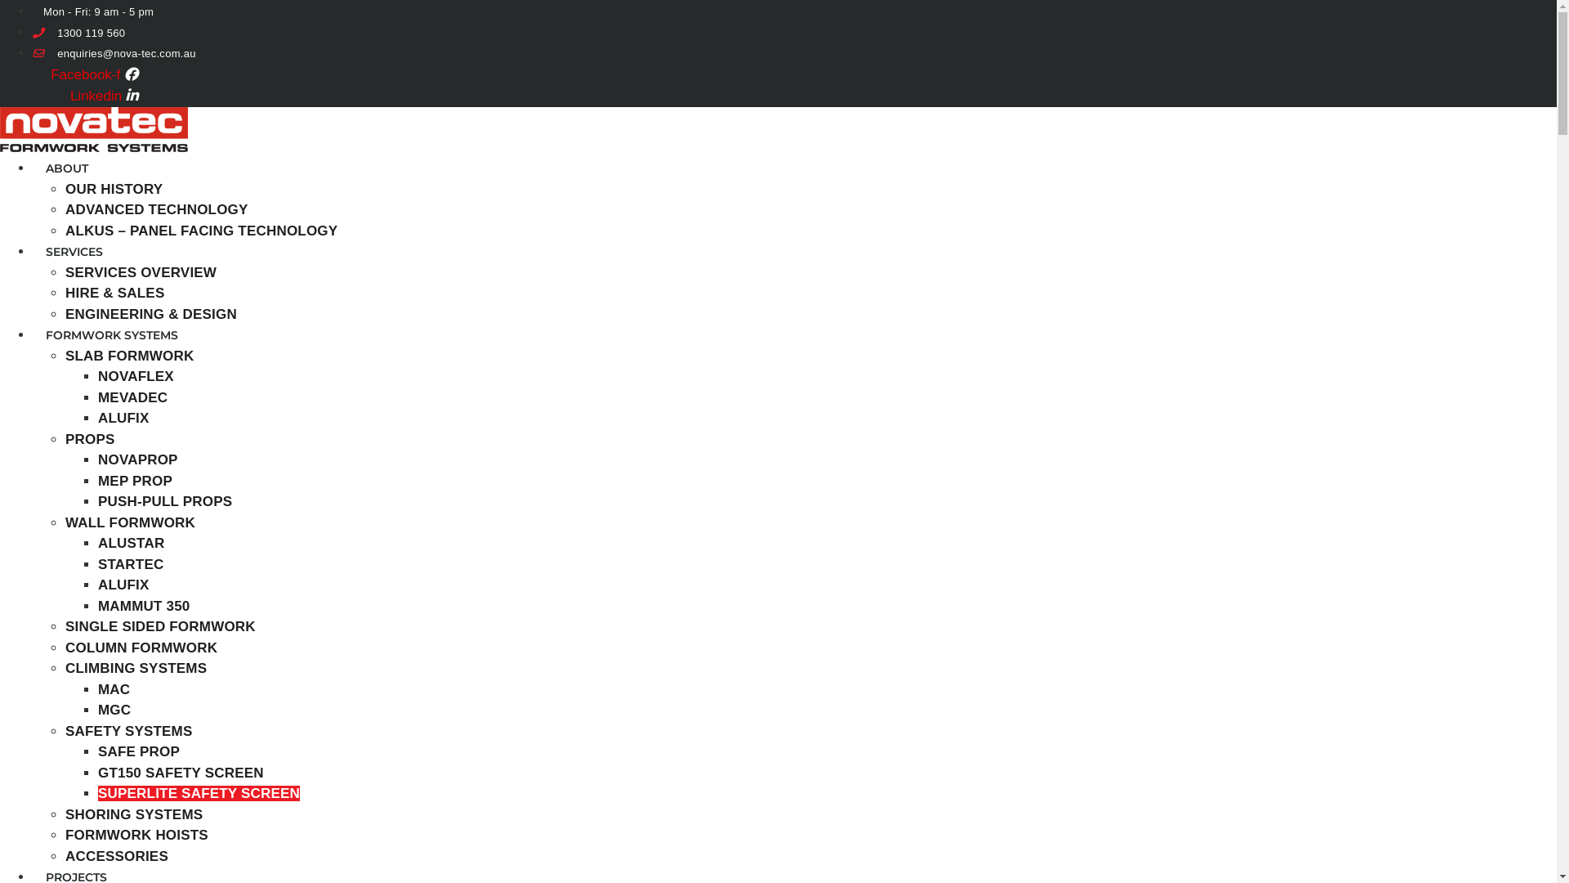 Image resolution: width=1569 pixels, height=883 pixels. What do you see at coordinates (144, 606) in the screenshot?
I see `'MAMMUT 350'` at bounding box center [144, 606].